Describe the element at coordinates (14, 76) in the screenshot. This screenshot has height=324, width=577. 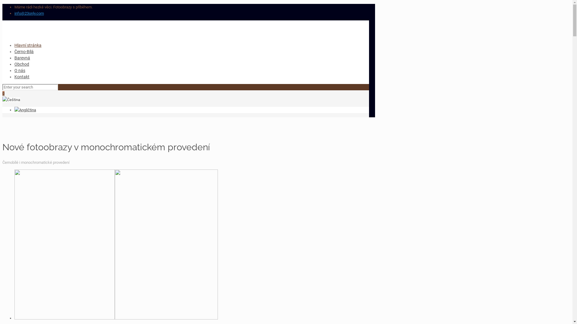
I see `'Kontakt'` at that location.